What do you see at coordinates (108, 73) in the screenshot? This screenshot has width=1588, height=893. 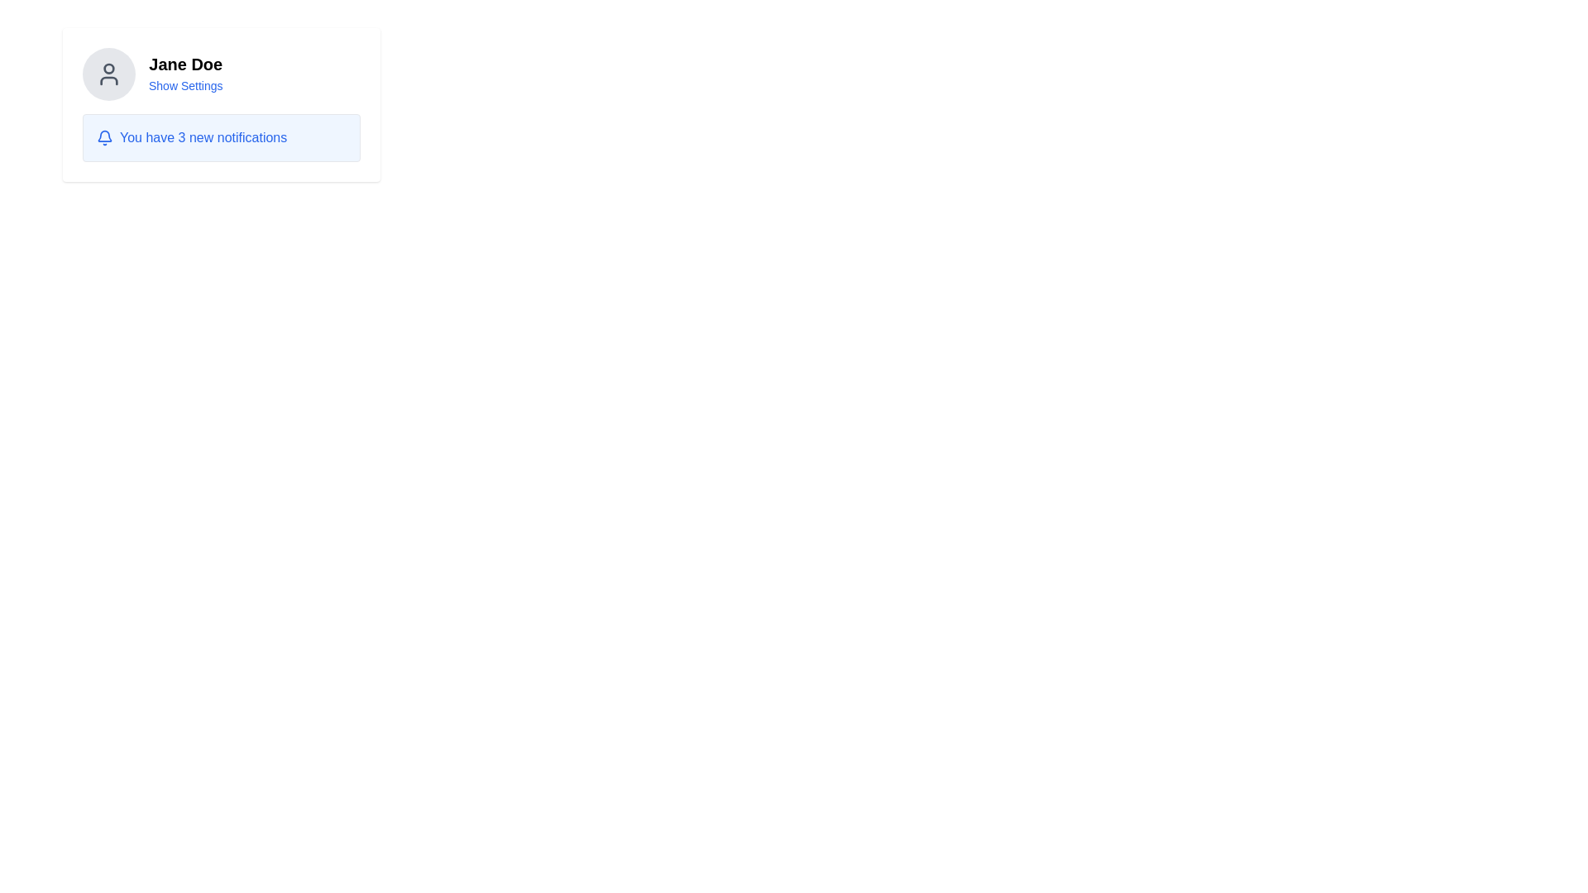 I see `the circular user figure icon with a gray silhouette, located near the top left of the interface, adjacent to 'Jane Doe' and 'Show Settings'` at bounding box center [108, 73].